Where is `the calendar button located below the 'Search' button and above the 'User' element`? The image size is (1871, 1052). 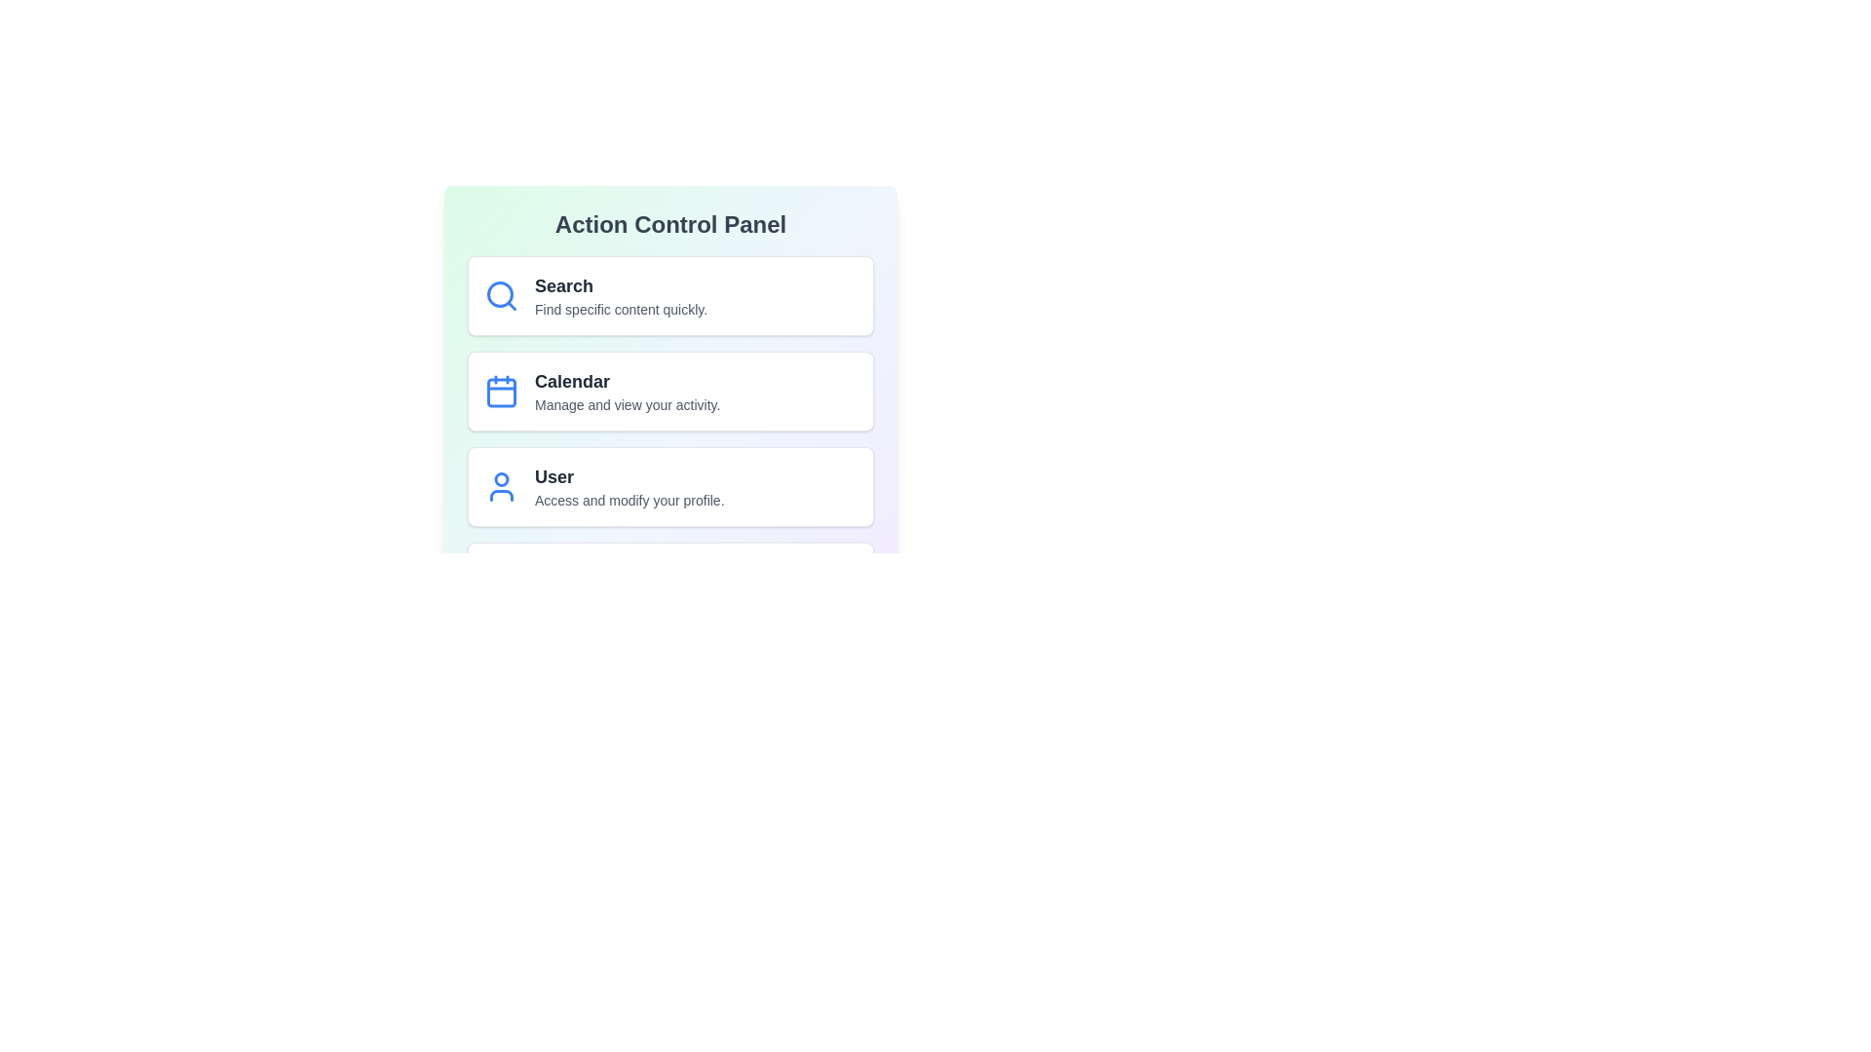 the calendar button located below the 'Search' button and above the 'User' element is located at coordinates (670, 391).